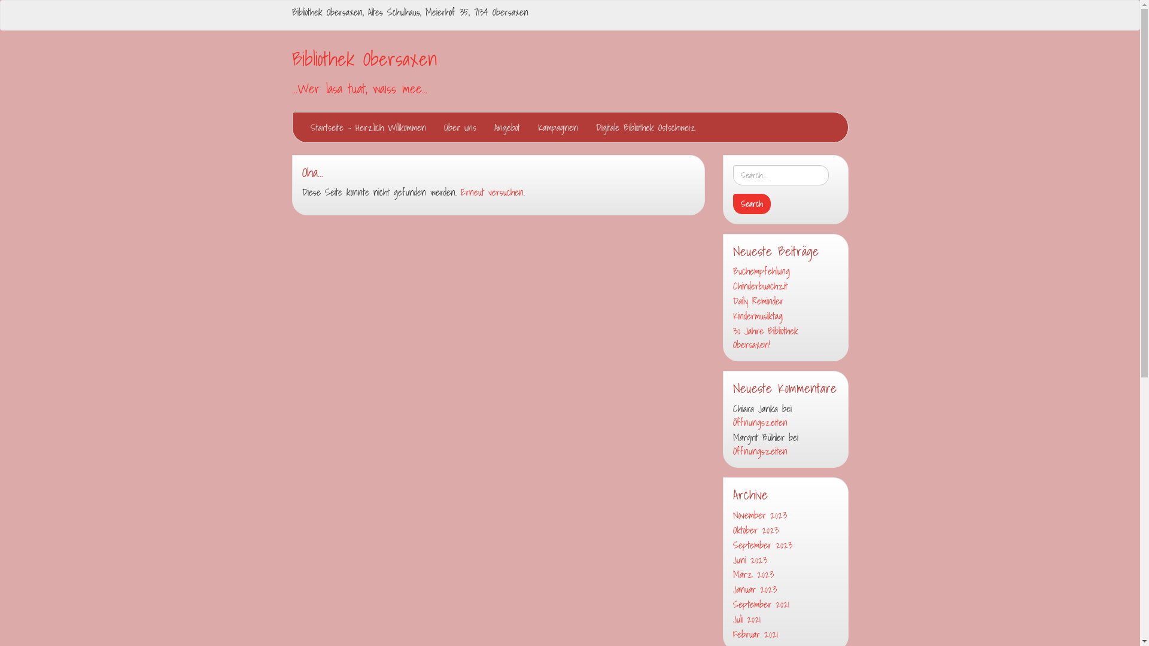  What do you see at coordinates (750, 203) in the screenshot?
I see `'Search'` at bounding box center [750, 203].